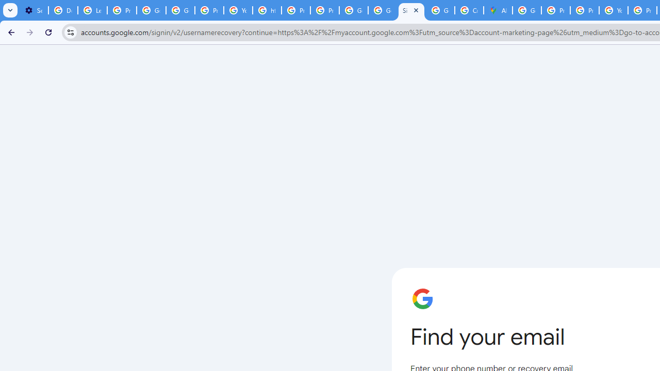 The width and height of the screenshot is (660, 371). Describe the element at coordinates (34, 10) in the screenshot. I see `'Settings - On startup'` at that location.